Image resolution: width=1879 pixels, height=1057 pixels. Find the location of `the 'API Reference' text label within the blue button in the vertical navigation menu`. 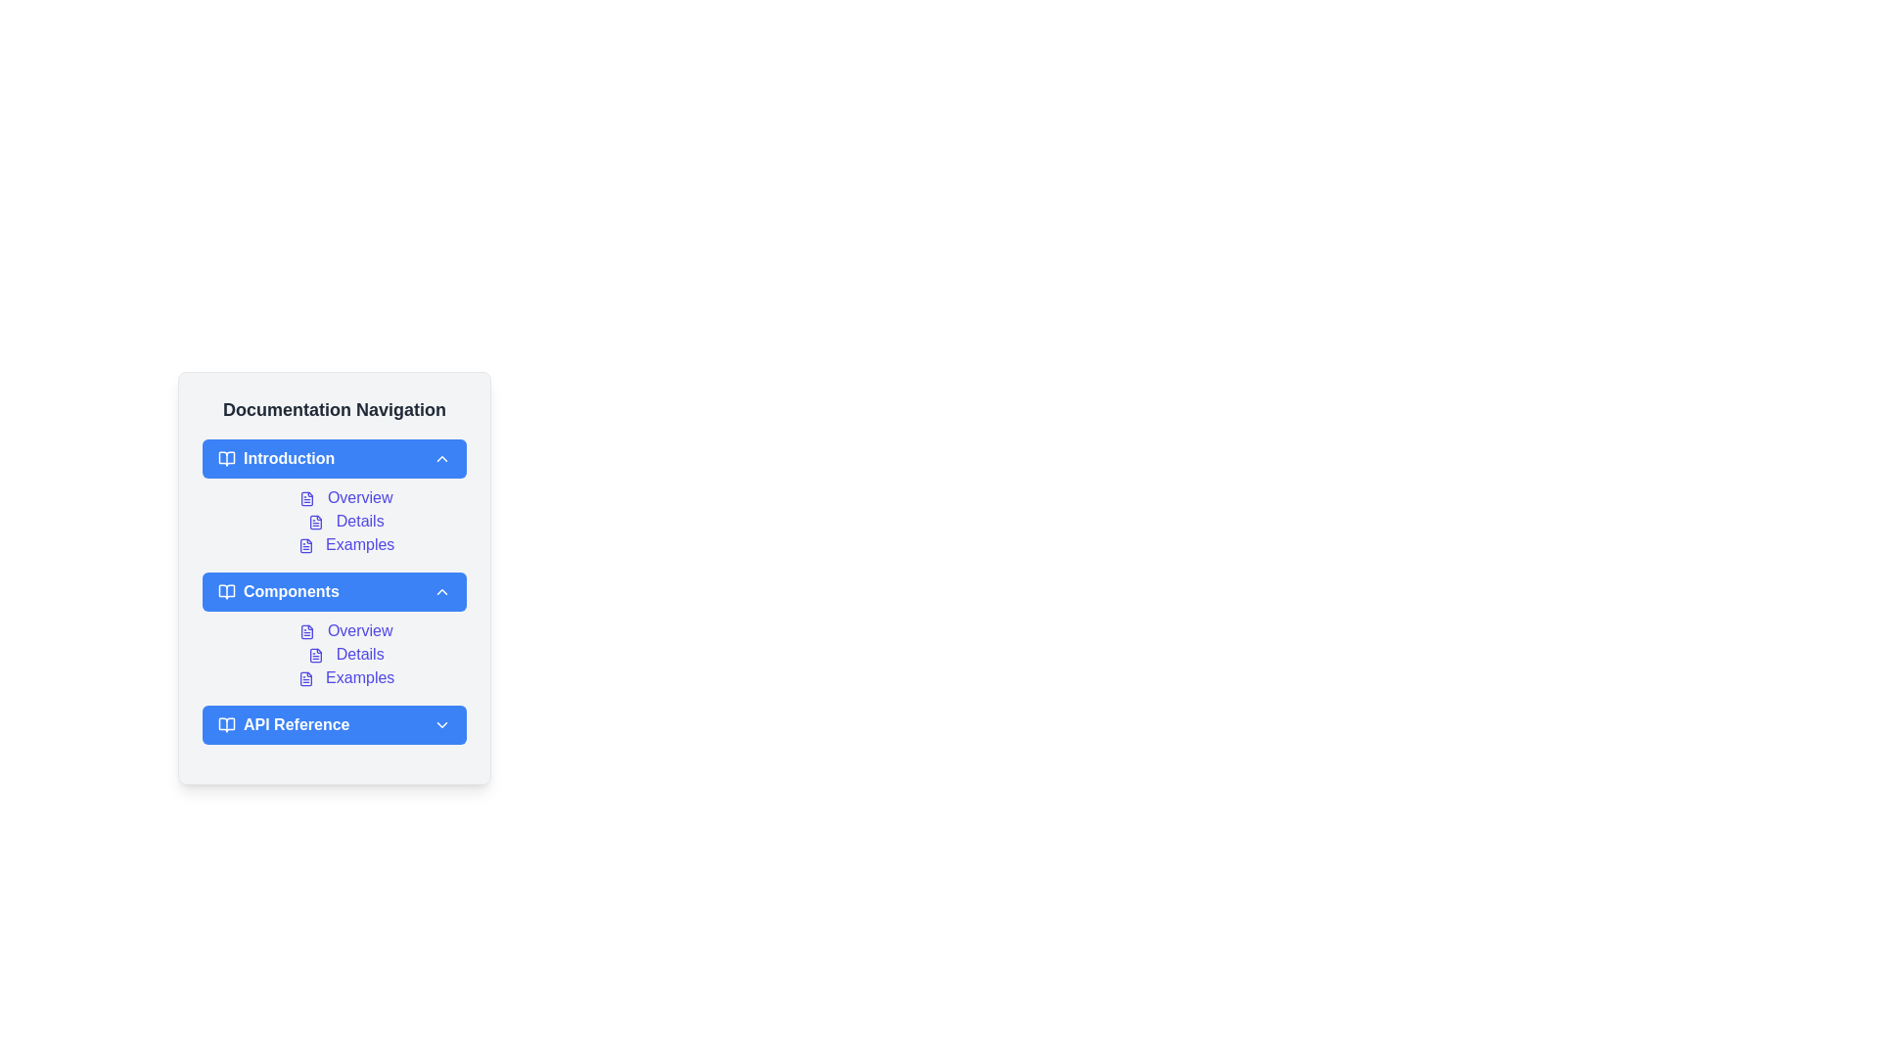

the 'API Reference' text label within the blue button in the vertical navigation menu is located at coordinates (283, 724).